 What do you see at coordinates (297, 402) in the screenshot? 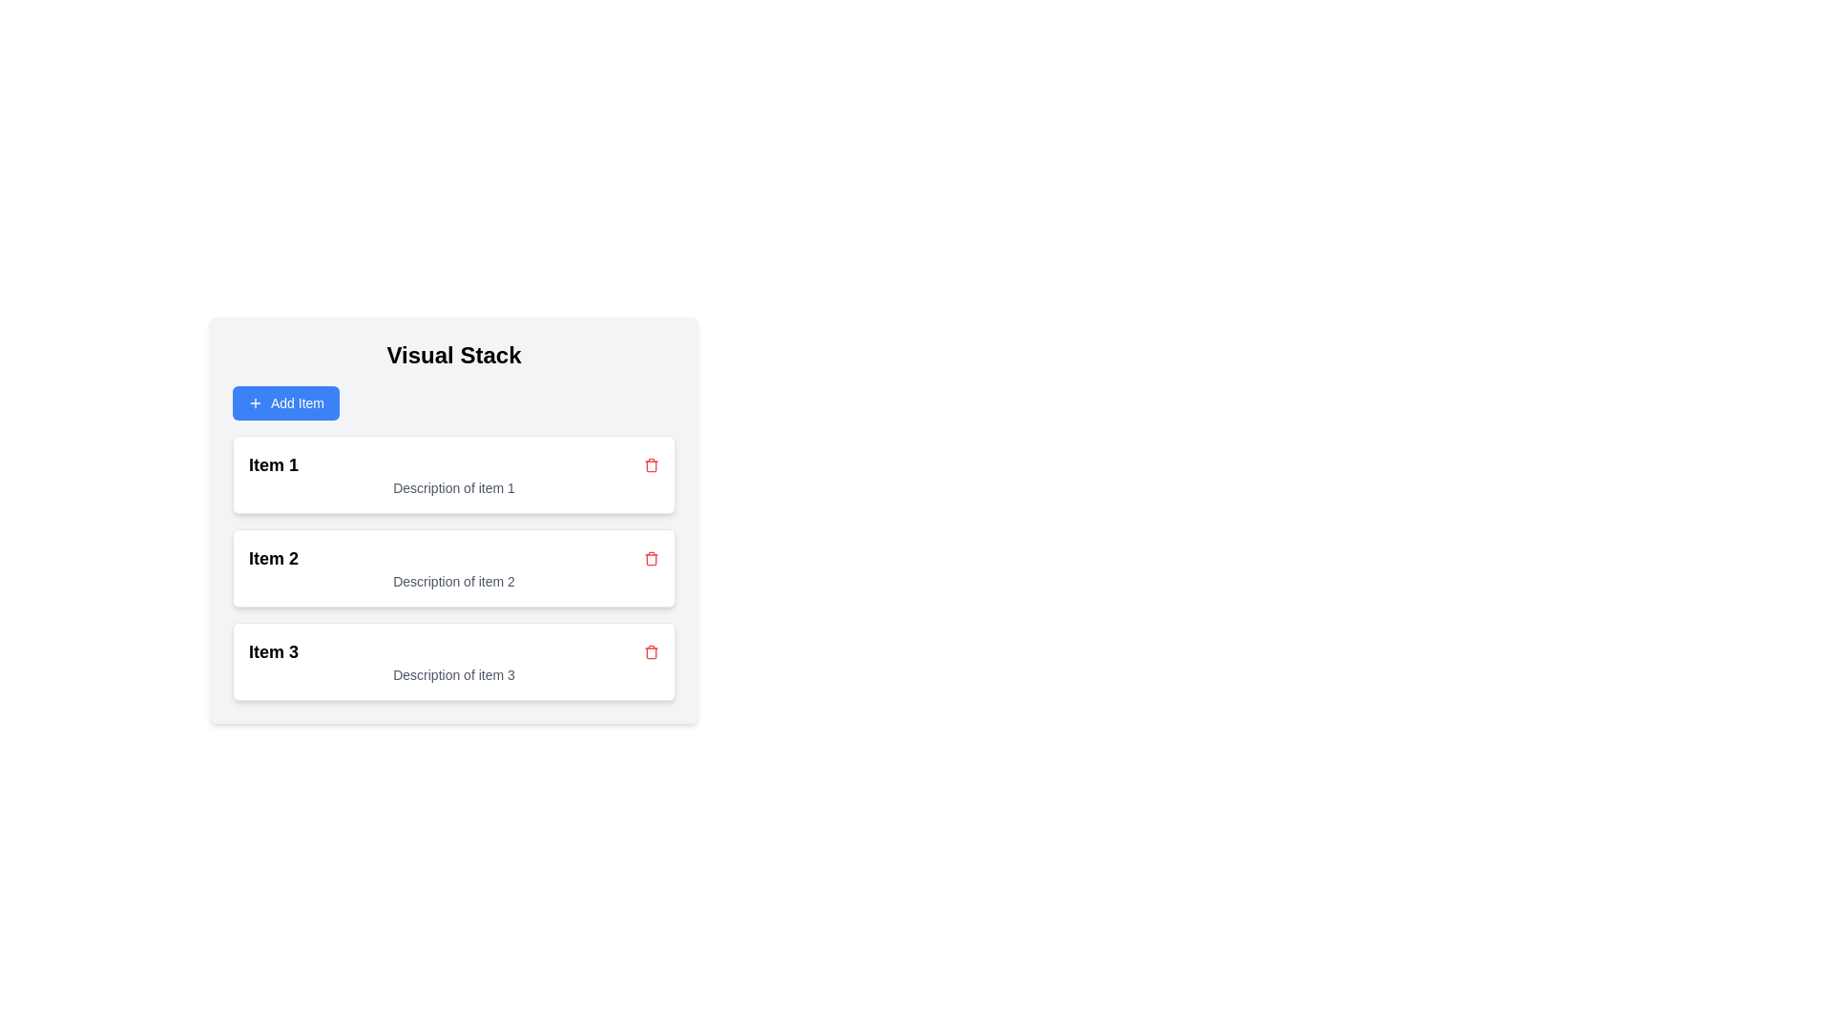
I see `text label 'Add Item' which indicates the button's action to add an item` at bounding box center [297, 402].